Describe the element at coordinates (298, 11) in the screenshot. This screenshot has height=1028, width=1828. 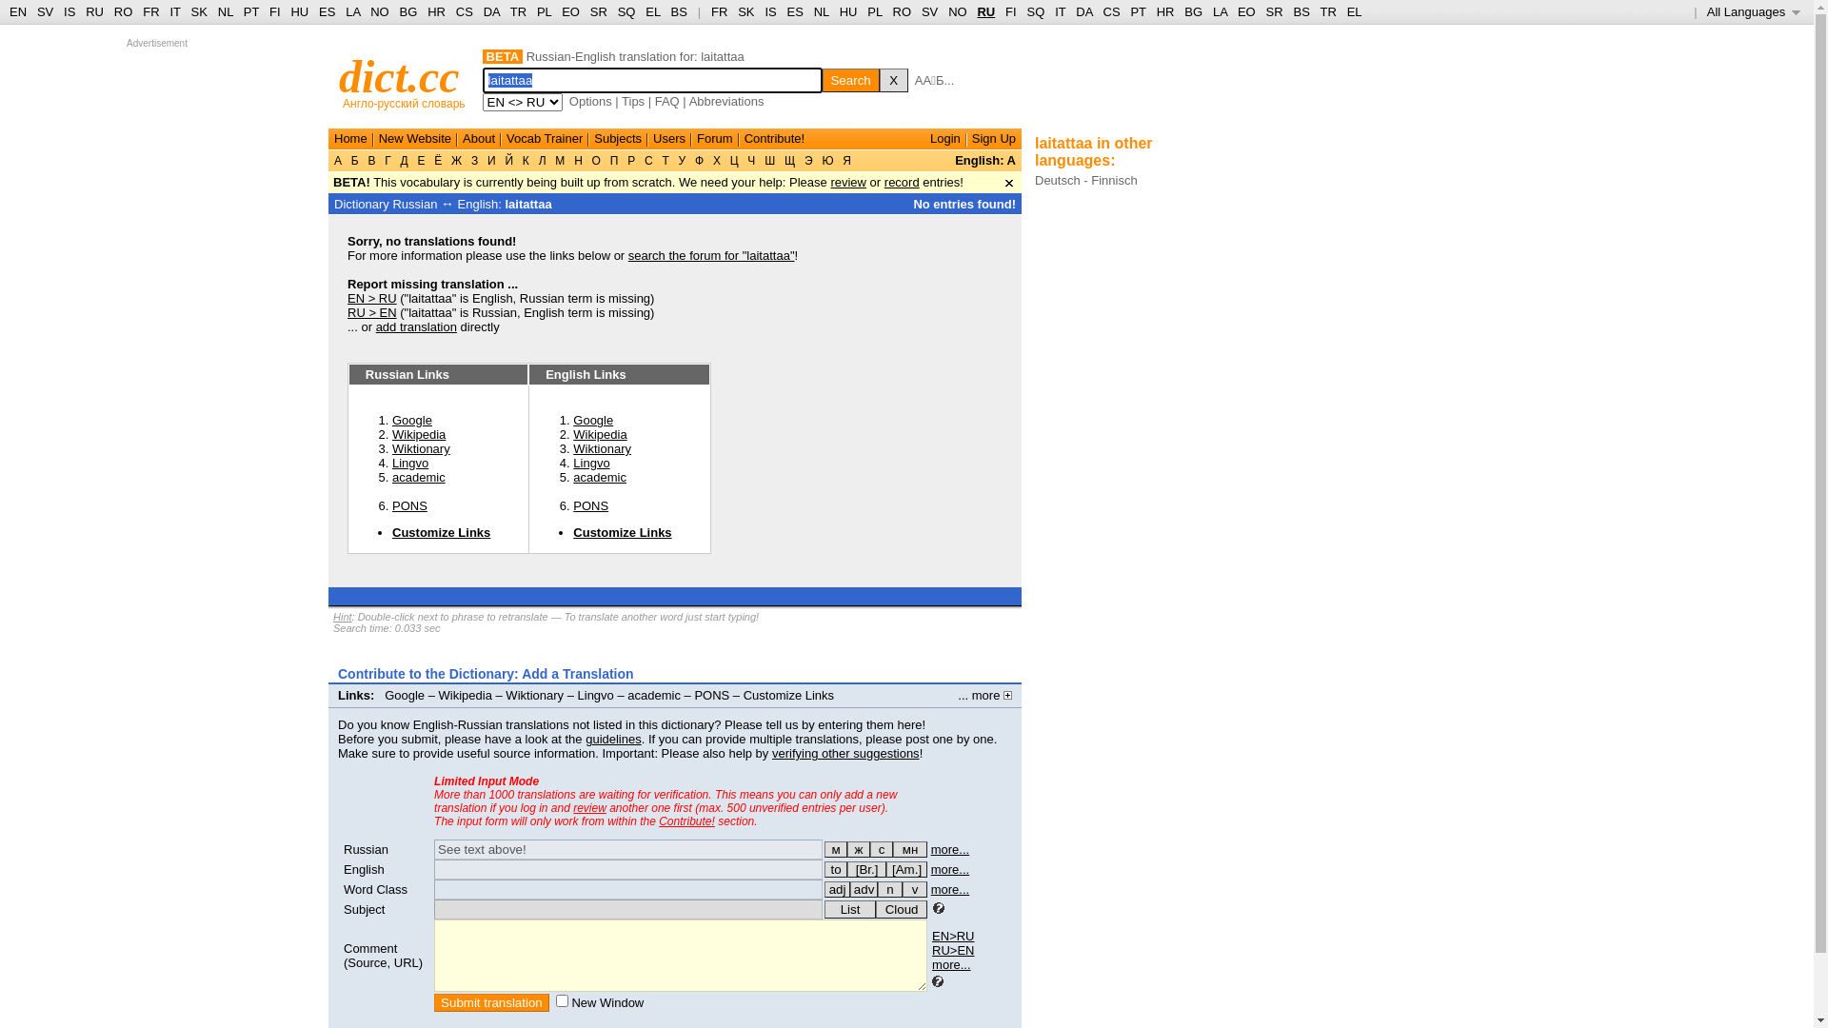
I see `'HU'` at that location.